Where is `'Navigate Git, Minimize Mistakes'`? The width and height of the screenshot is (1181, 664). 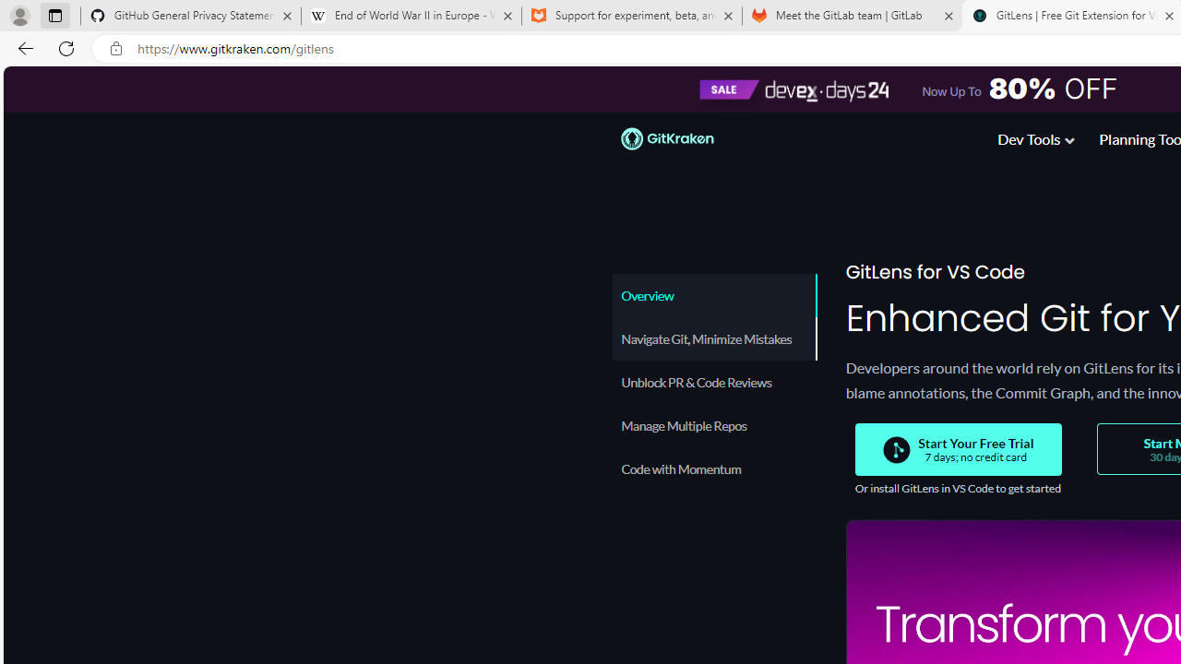
'Navigate Git, Minimize Mistakes' is located at coordinates (713, 338).